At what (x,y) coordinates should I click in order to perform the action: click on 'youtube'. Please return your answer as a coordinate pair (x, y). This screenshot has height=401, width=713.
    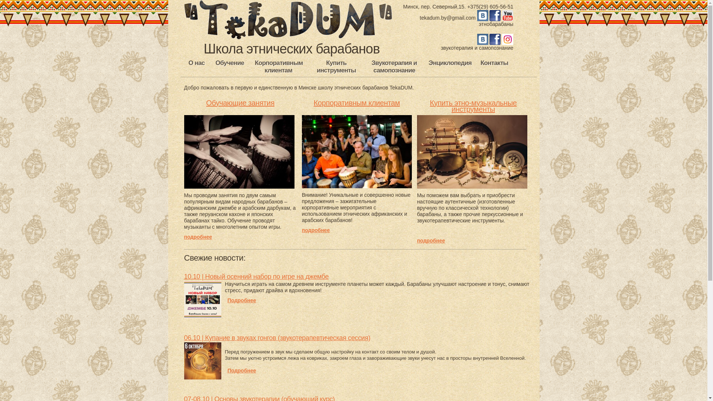
    Looking at the image, I should click on (502, 17).